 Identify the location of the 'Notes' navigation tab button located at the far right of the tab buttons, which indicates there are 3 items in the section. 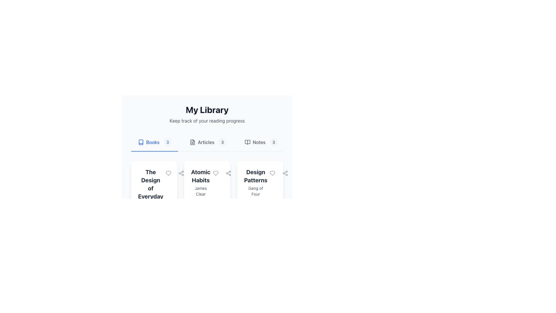
(261, 143).